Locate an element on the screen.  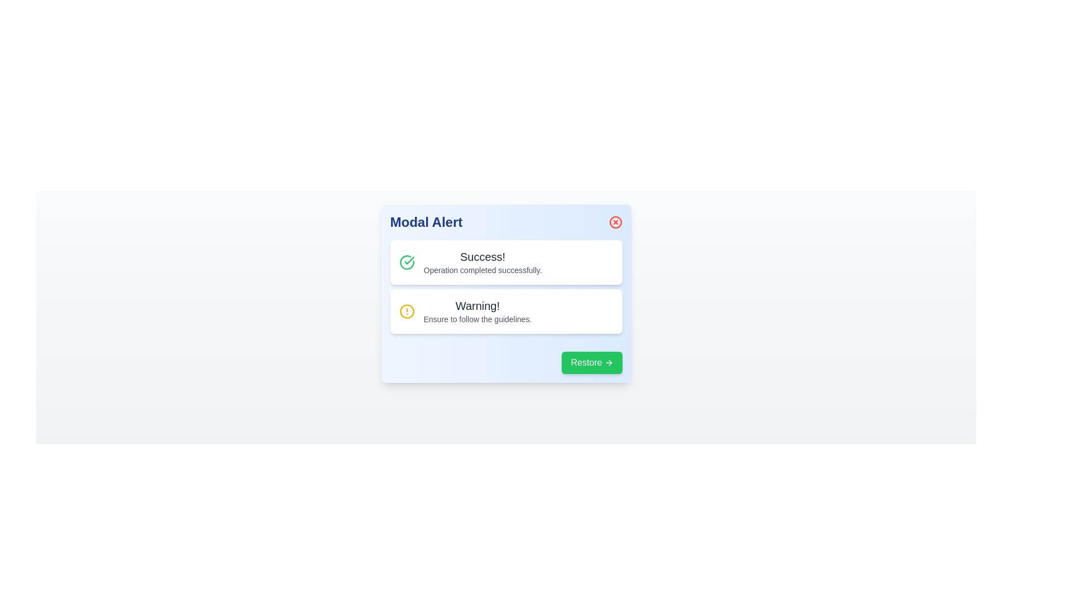
the warning message header text label located within the modal dialog, which is positioned below the 'Success!' section and above the explanatory sentence 'Ensure to follow the guidelines.' is located at coordinates (477, 305).